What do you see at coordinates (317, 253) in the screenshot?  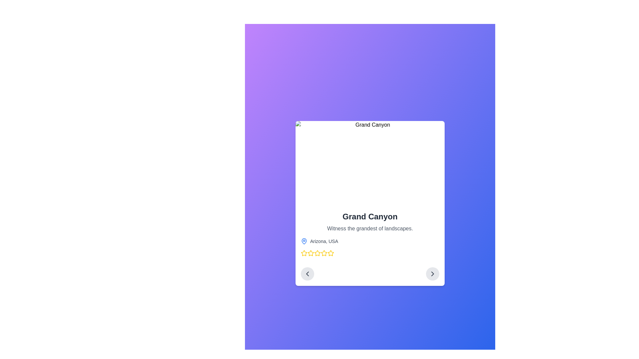 I see `the fifth rating star, which is a yellow outlined star with a white center, located below the 'Arizona, USA' text` at bounding box center [317, 253].